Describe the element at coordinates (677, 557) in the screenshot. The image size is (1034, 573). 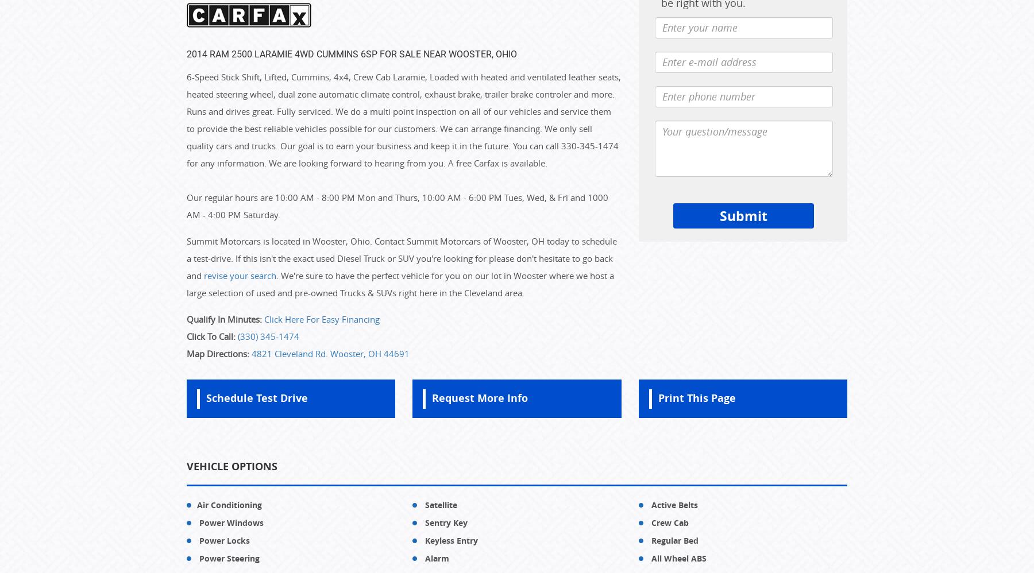
I see `'All Wheel ABS'` at that location.